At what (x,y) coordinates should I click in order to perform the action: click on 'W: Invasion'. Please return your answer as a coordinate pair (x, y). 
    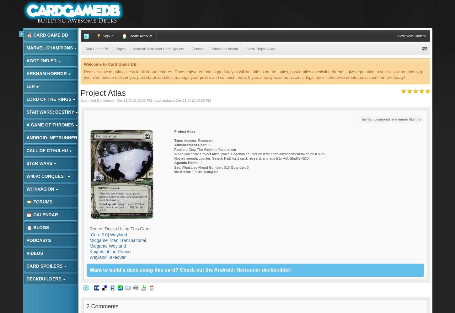
    Looking at the image, I should click on (26, 189).